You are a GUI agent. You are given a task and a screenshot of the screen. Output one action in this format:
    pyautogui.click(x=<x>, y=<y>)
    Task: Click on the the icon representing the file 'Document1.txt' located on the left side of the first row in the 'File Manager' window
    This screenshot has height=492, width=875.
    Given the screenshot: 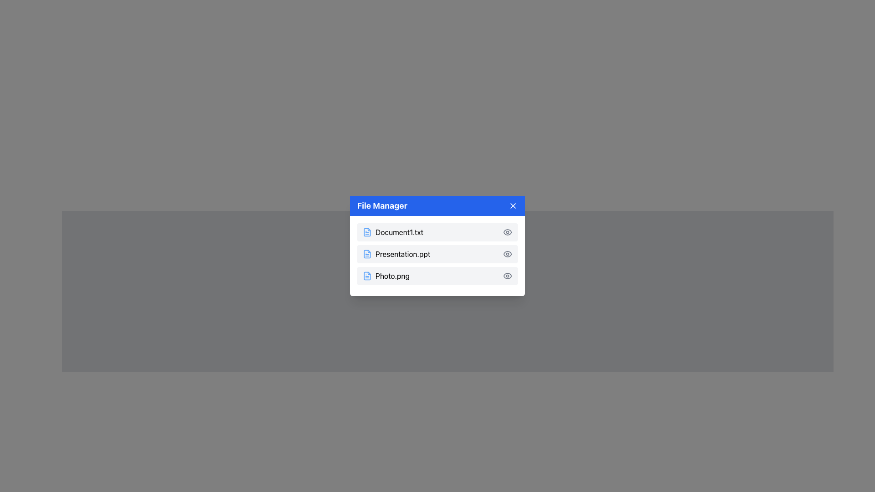 What is the action you would take?
    pyautogui.click(x=367, y=231)
    